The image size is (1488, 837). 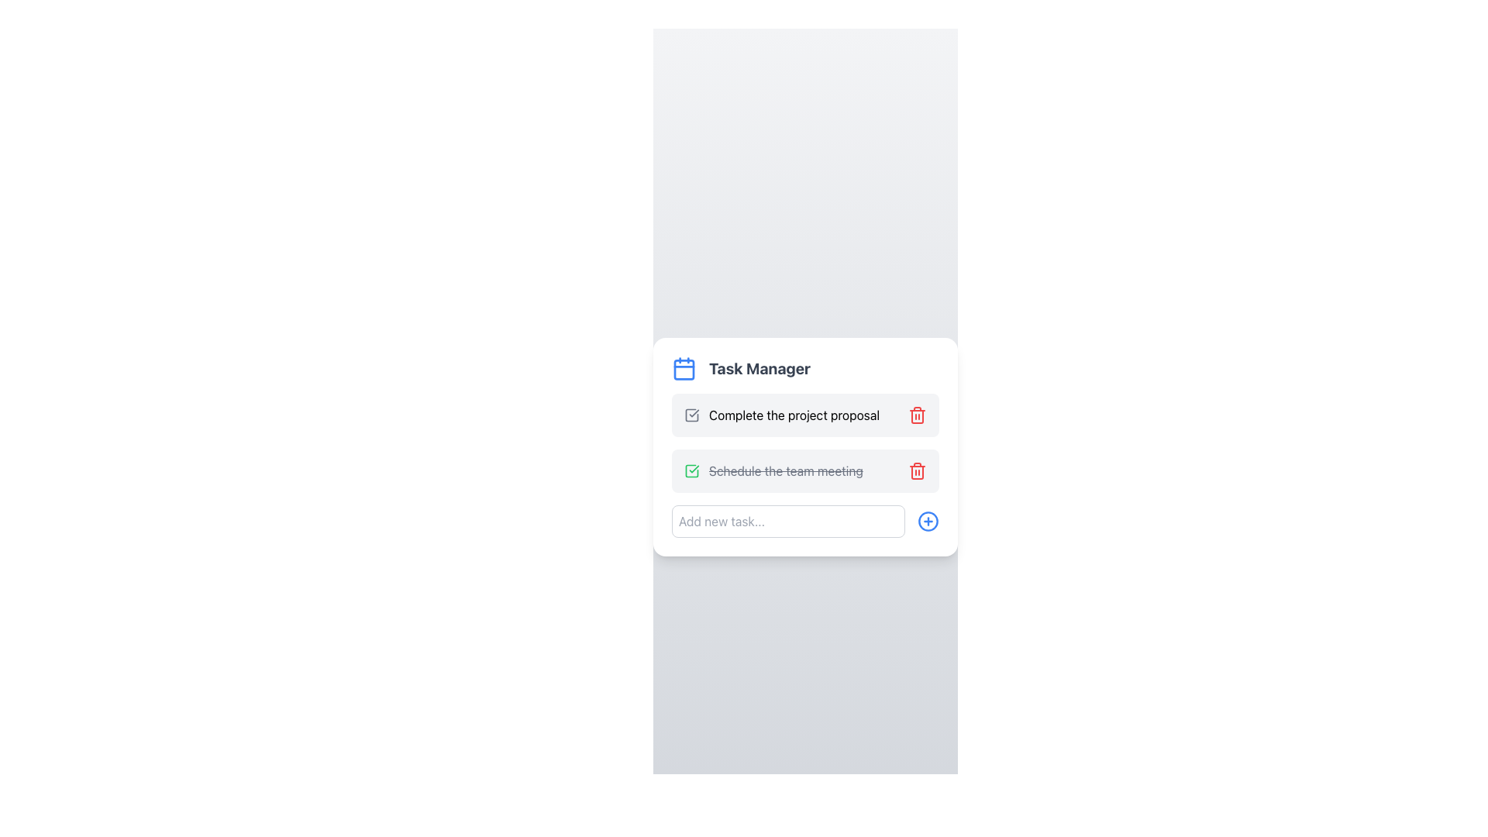 What do you see at coordinates (918, 471) in the screenshot?
I see `the outer border of the red trashcan icon associated with the task 'Schedule the team meeting' to check for any visual changes` at bounding box center [918, 471].